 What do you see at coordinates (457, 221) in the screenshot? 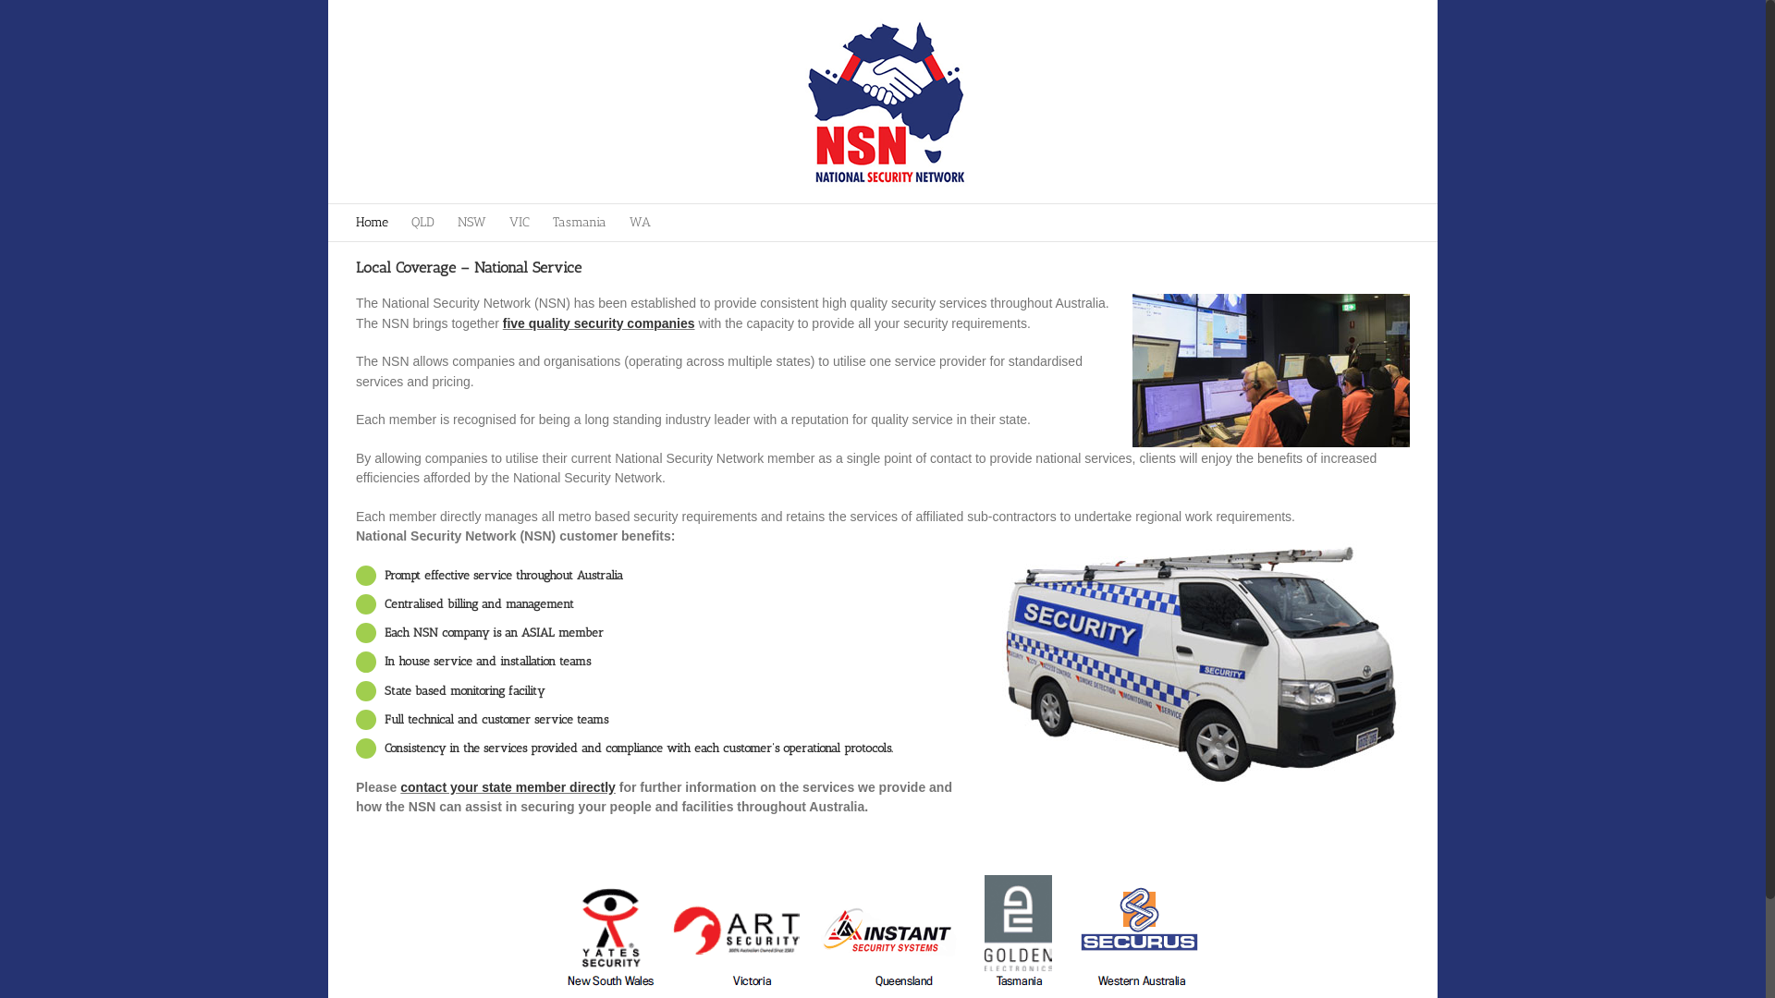
I see `'NSW'` at bounding box center [457, 221].